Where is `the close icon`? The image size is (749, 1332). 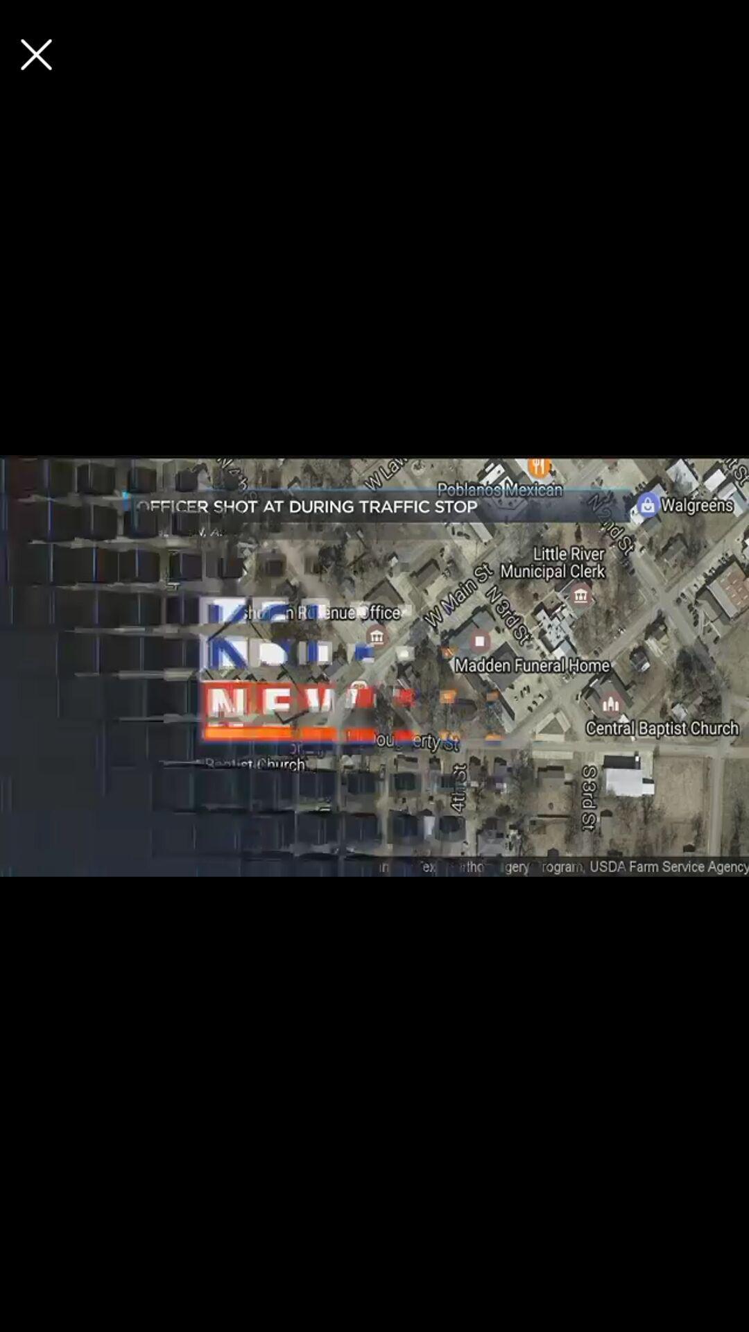 the close icon is located at coordinates (35, 54).